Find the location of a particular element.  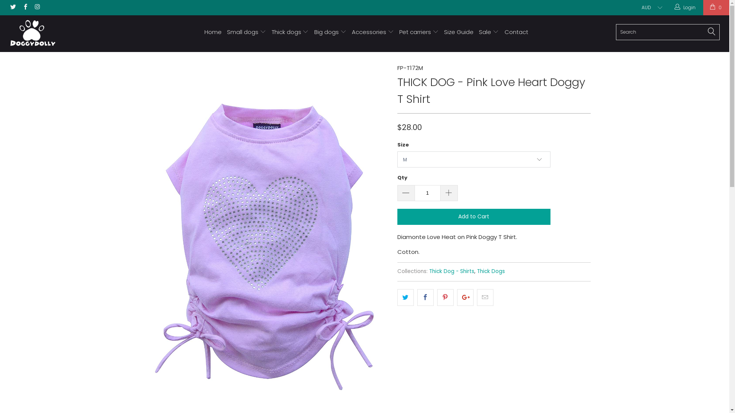

'DoggyDolly Australia & New Zealand on Twitter' is located at coordinates (9, 7).